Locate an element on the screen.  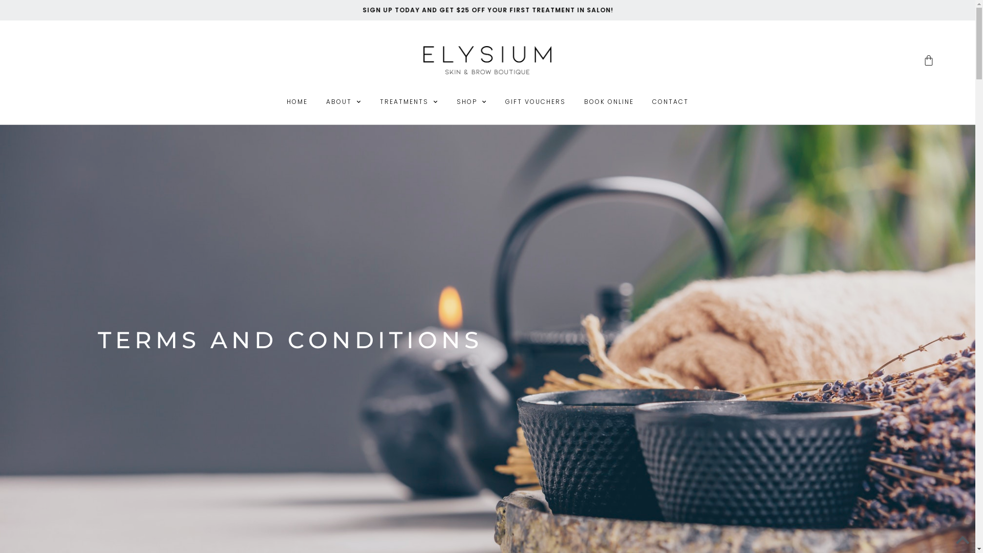
'CONTACT' is located at coordinates (670, 102).